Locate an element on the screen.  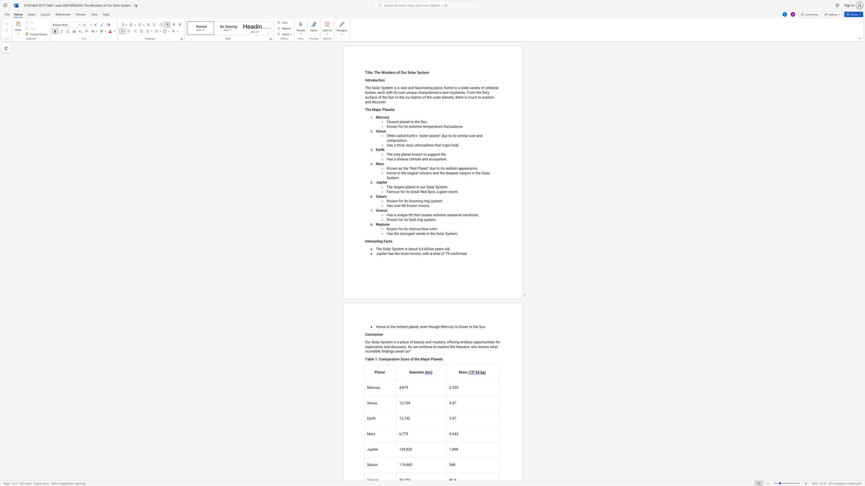
the 2th character "o" in the text is located at coordinates (398, 72).